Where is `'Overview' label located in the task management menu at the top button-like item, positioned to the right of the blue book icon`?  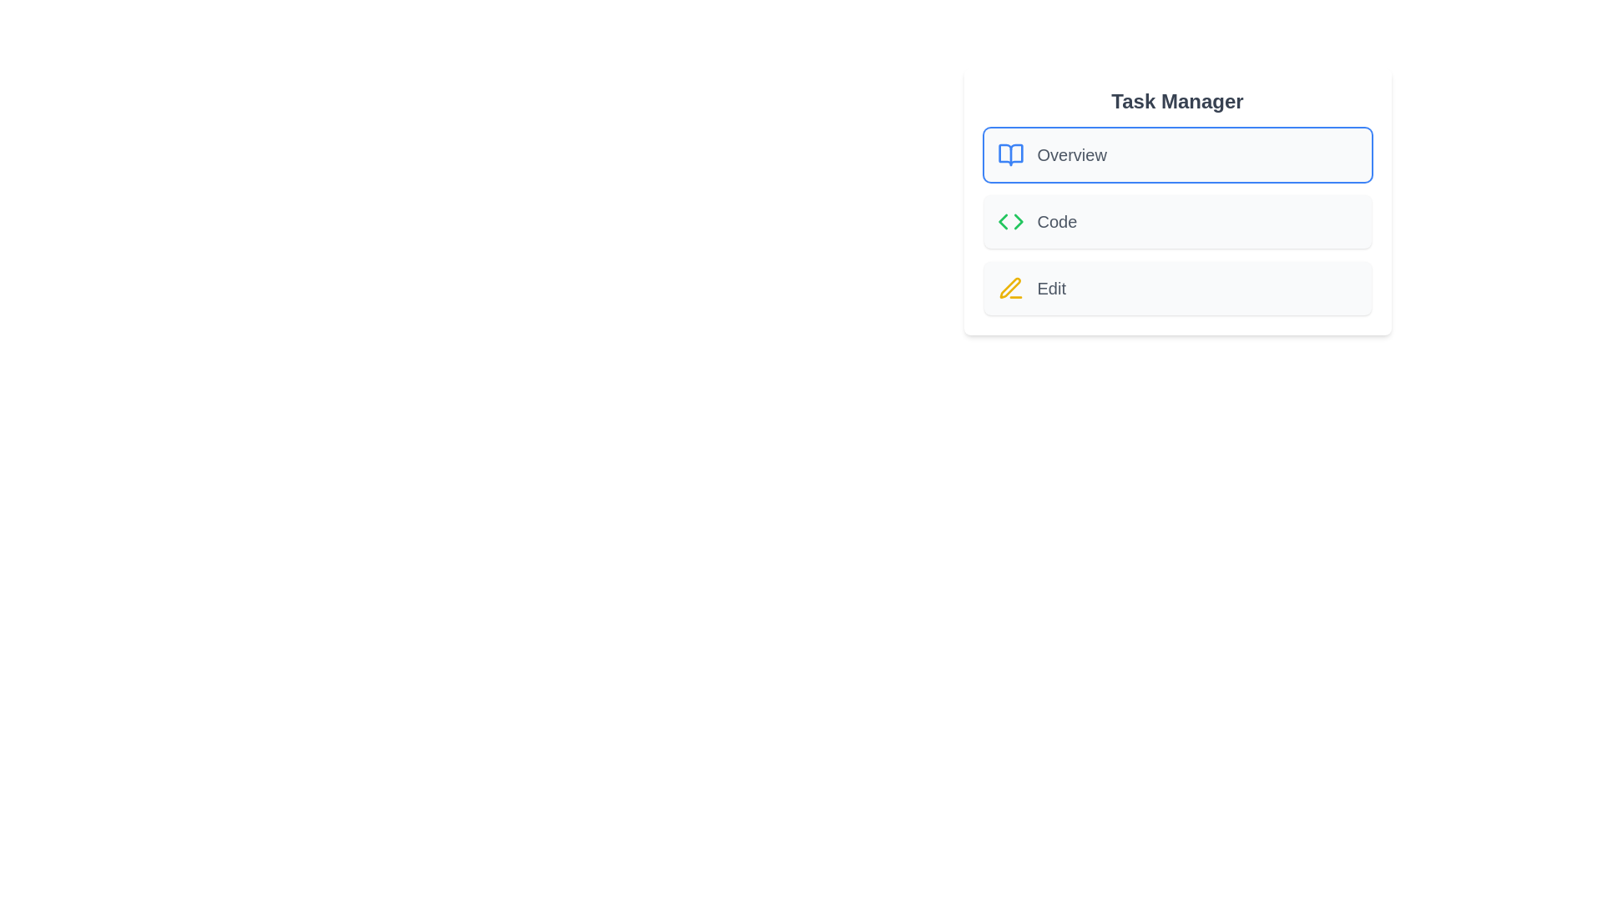
'Overview' label located in the task management menu at the top button-like item, positioned to the right of the blue book icon is located at coordinates (1072, 154).